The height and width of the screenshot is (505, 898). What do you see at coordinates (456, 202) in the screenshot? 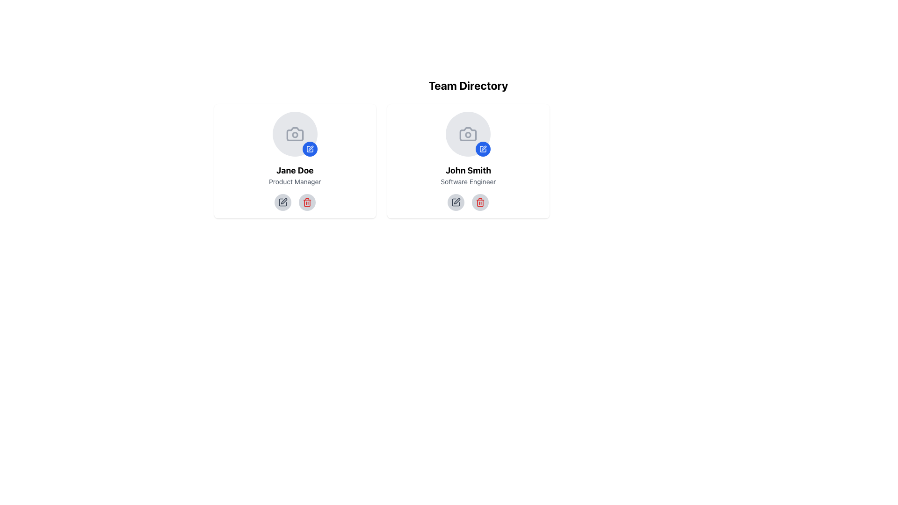
I see `the small circular button with a pencil icon located in the bottom section of the card displaying John Smith's information` at bounding box center [456, 202].